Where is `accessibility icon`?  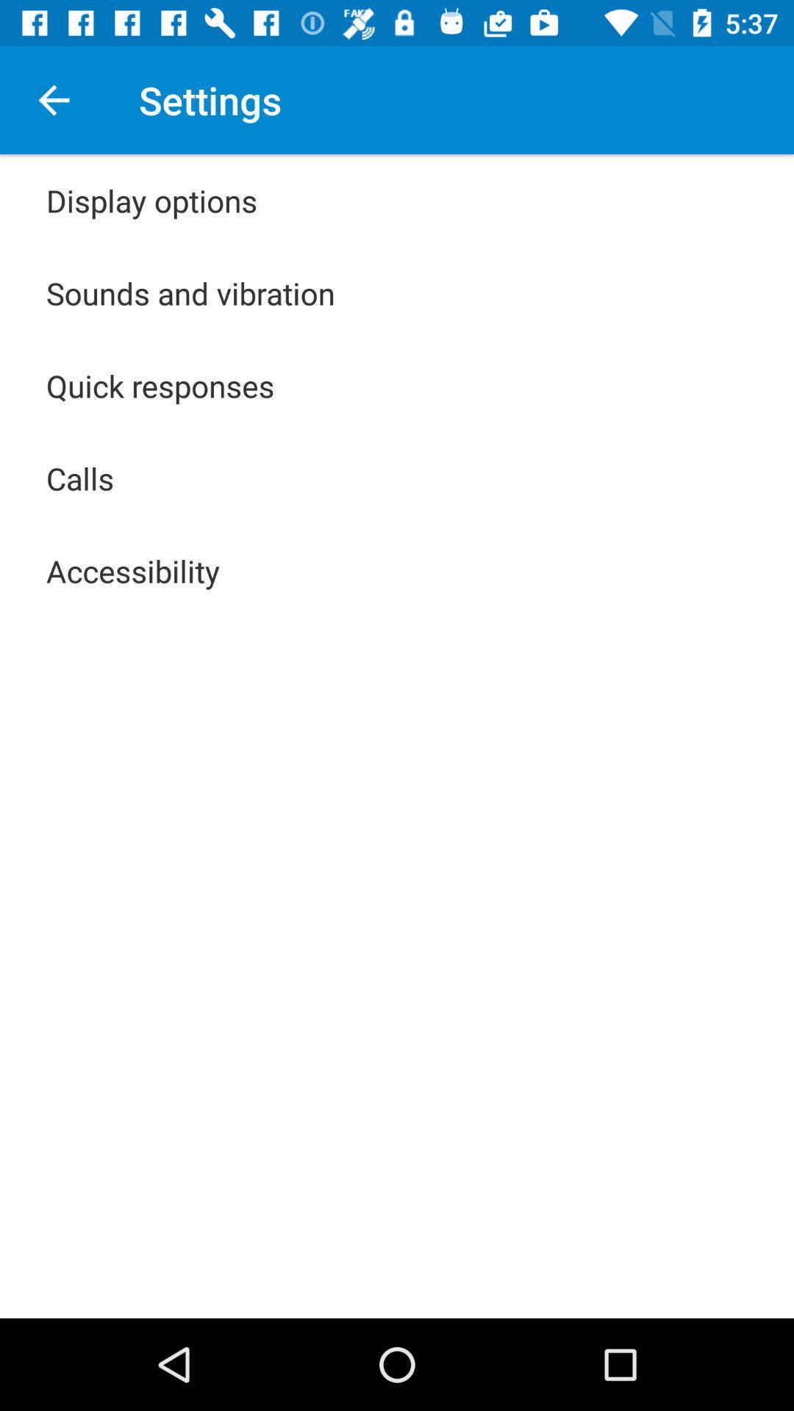
accessibility icon is located at coordinates (133, 570).